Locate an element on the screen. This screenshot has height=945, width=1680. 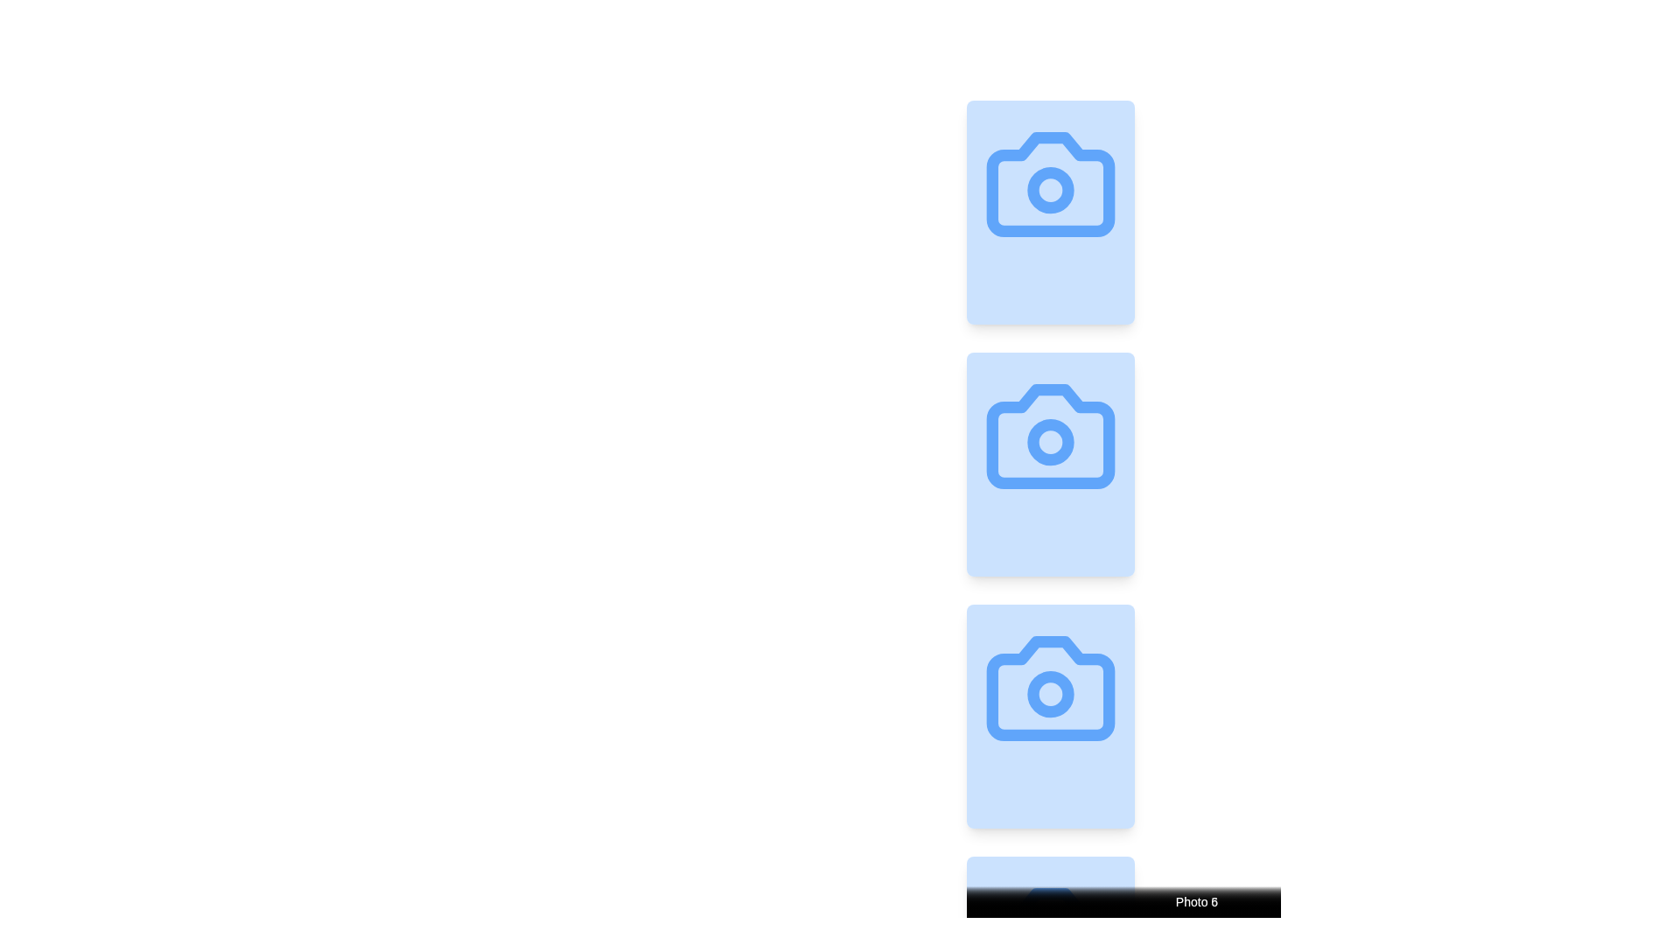
text from the Text Label located at the bottom edge of the card in a vertical list of similar cards is located at coordinates (1196, 901).